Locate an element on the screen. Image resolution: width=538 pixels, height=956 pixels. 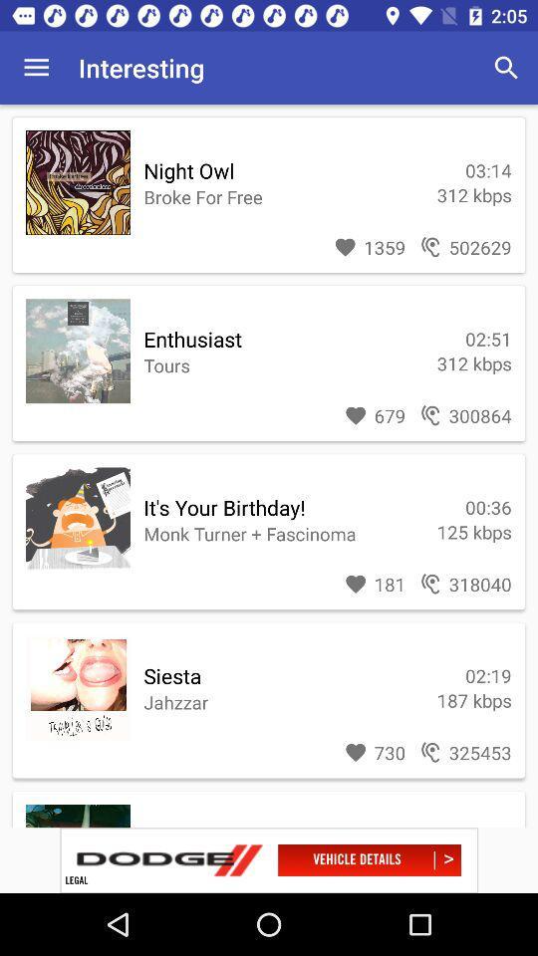
advertiment is located at coordinates (269, 859).